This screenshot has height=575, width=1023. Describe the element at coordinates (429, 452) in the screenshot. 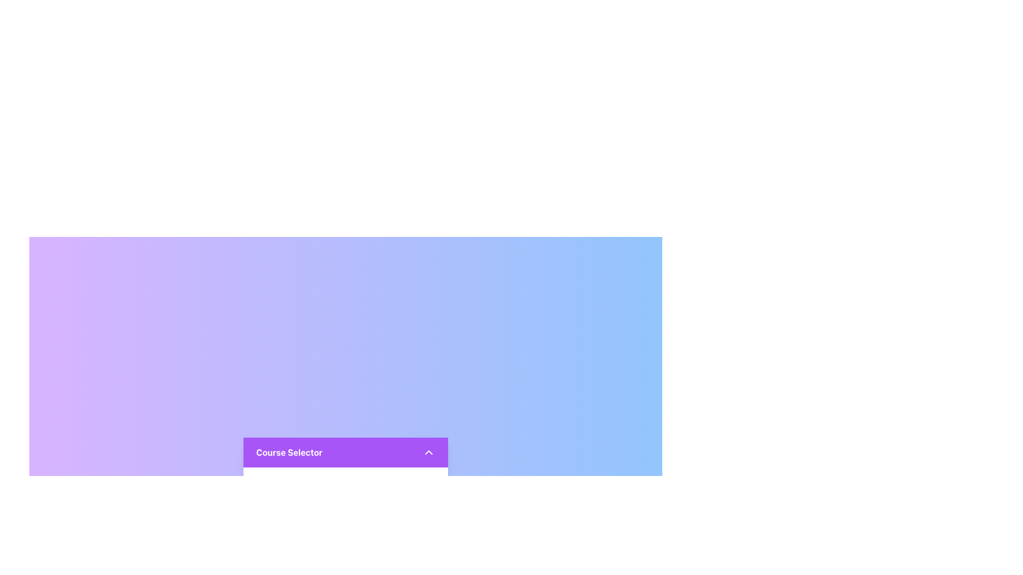

I see `the small downward-facing chevron icon on the far right edge of the 'Course Selector' bar, which is white on a vibrant purple background` at that location.